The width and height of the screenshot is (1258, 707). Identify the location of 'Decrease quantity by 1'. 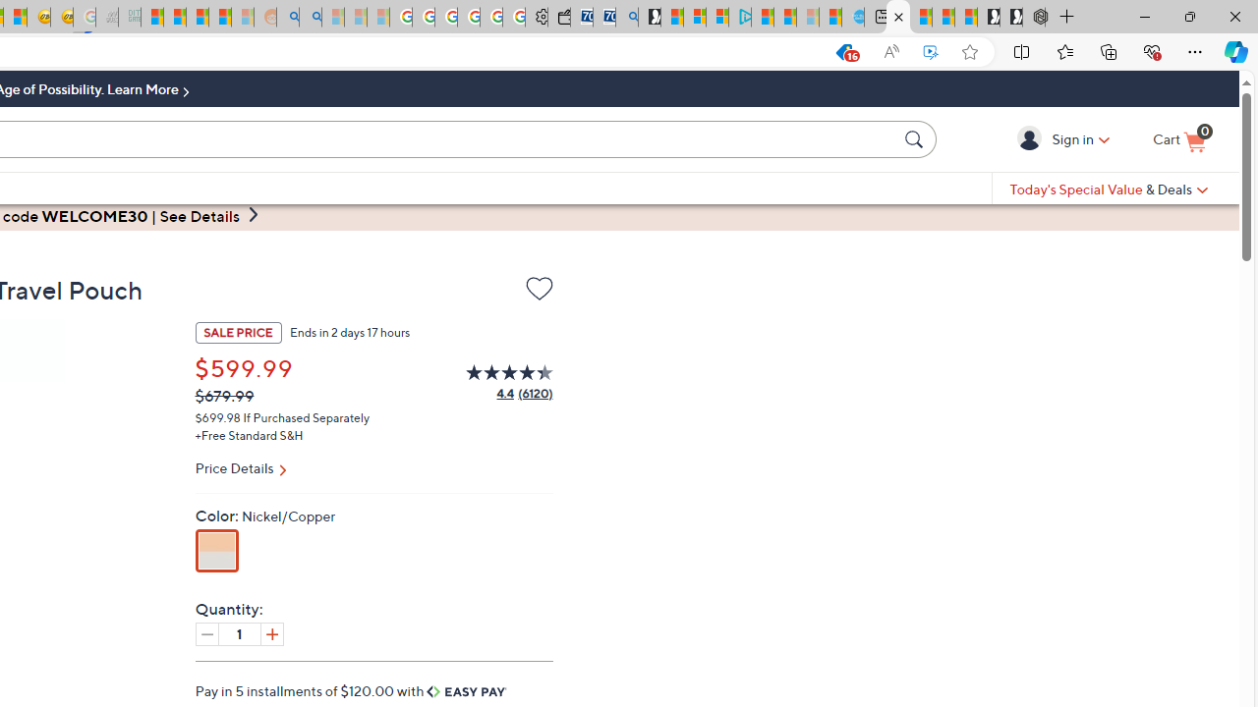
(206, 633).